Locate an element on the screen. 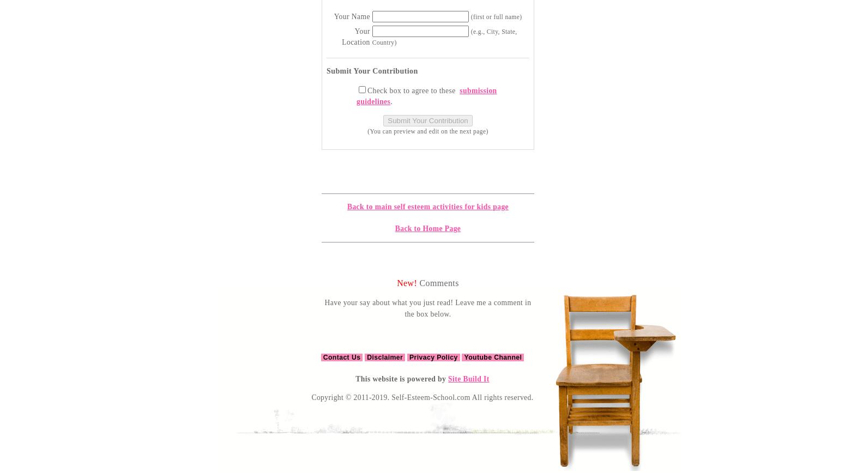 This screenshot has height=473, width=845. 'Your Location' is located at coordinates (355, 37).